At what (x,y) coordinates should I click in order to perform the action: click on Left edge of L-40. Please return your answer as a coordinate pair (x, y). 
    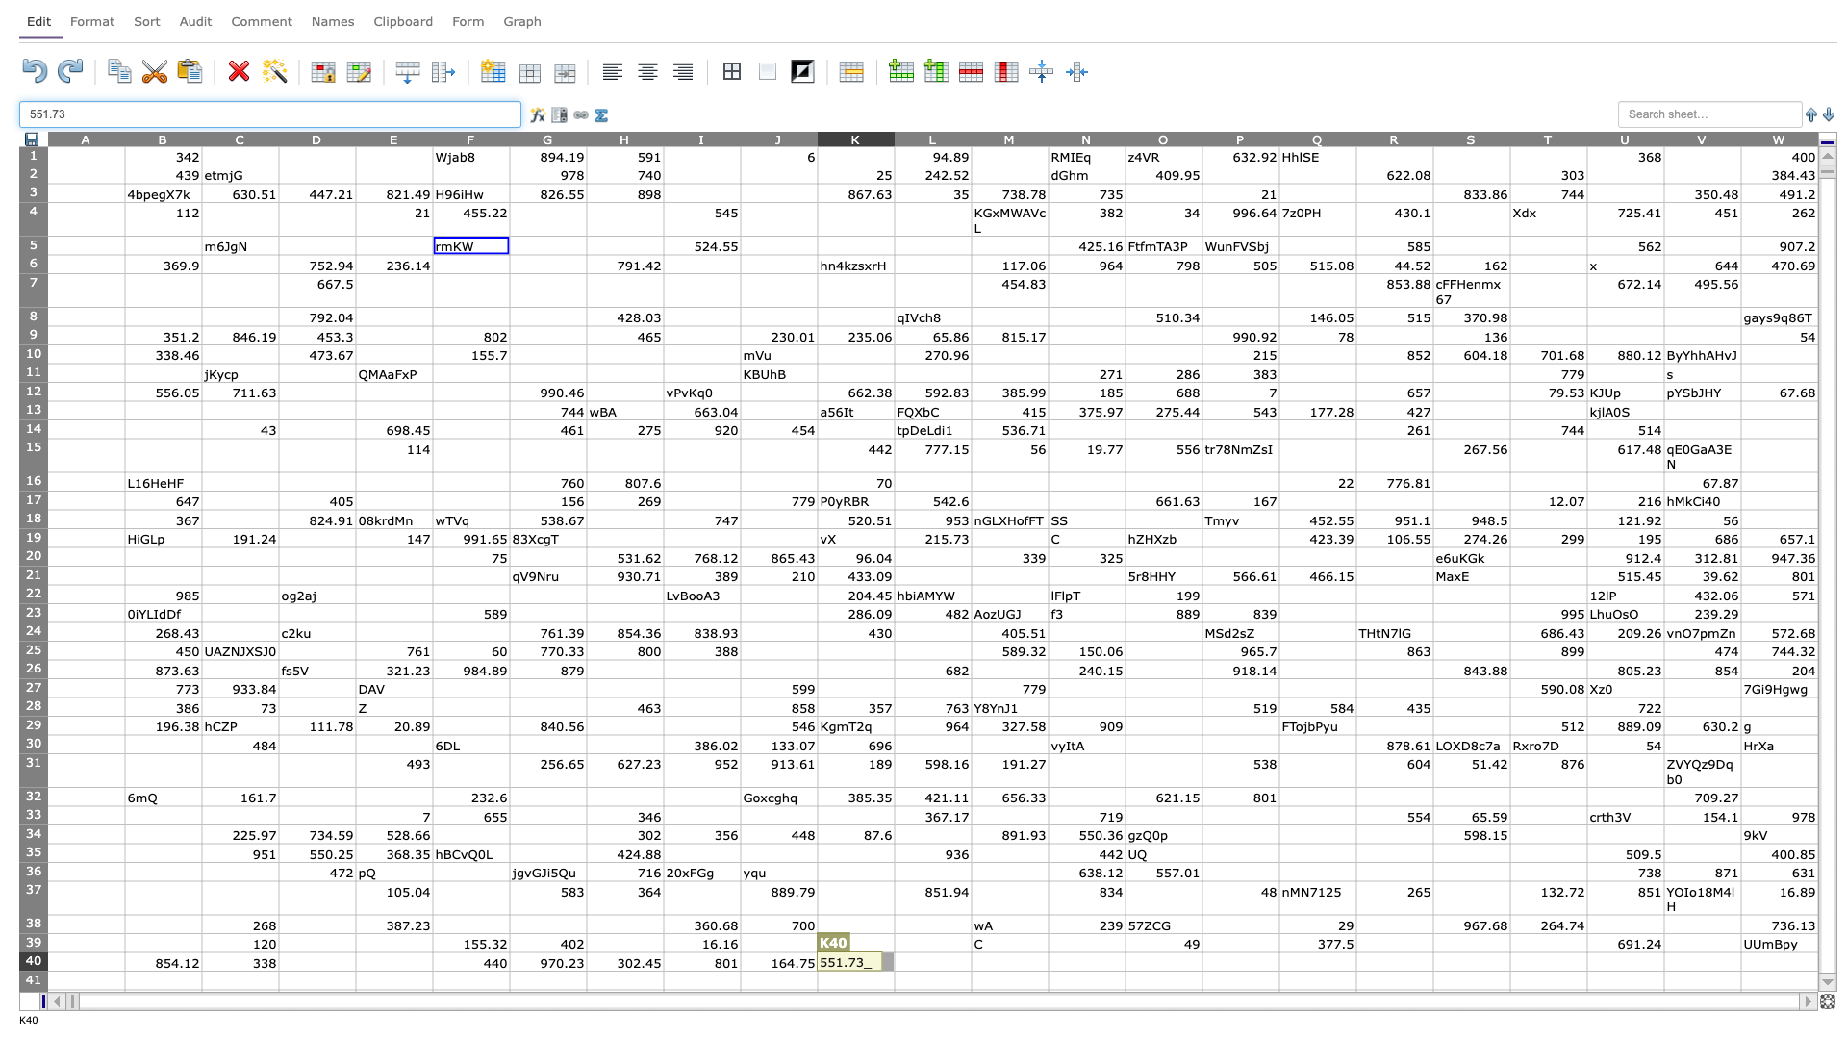
    Looking at the image, I should click on (894, 961).